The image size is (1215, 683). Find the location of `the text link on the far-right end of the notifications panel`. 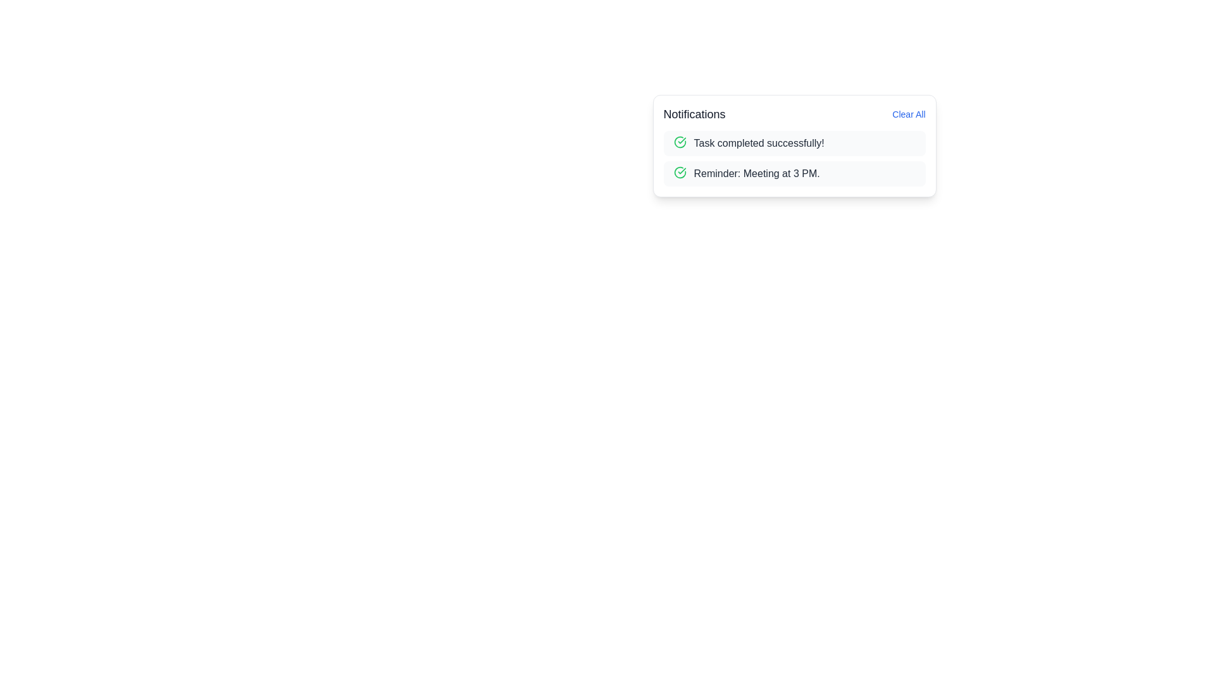

the text link on the far-right end of the notifications panel is located at coordinates (908, 114).